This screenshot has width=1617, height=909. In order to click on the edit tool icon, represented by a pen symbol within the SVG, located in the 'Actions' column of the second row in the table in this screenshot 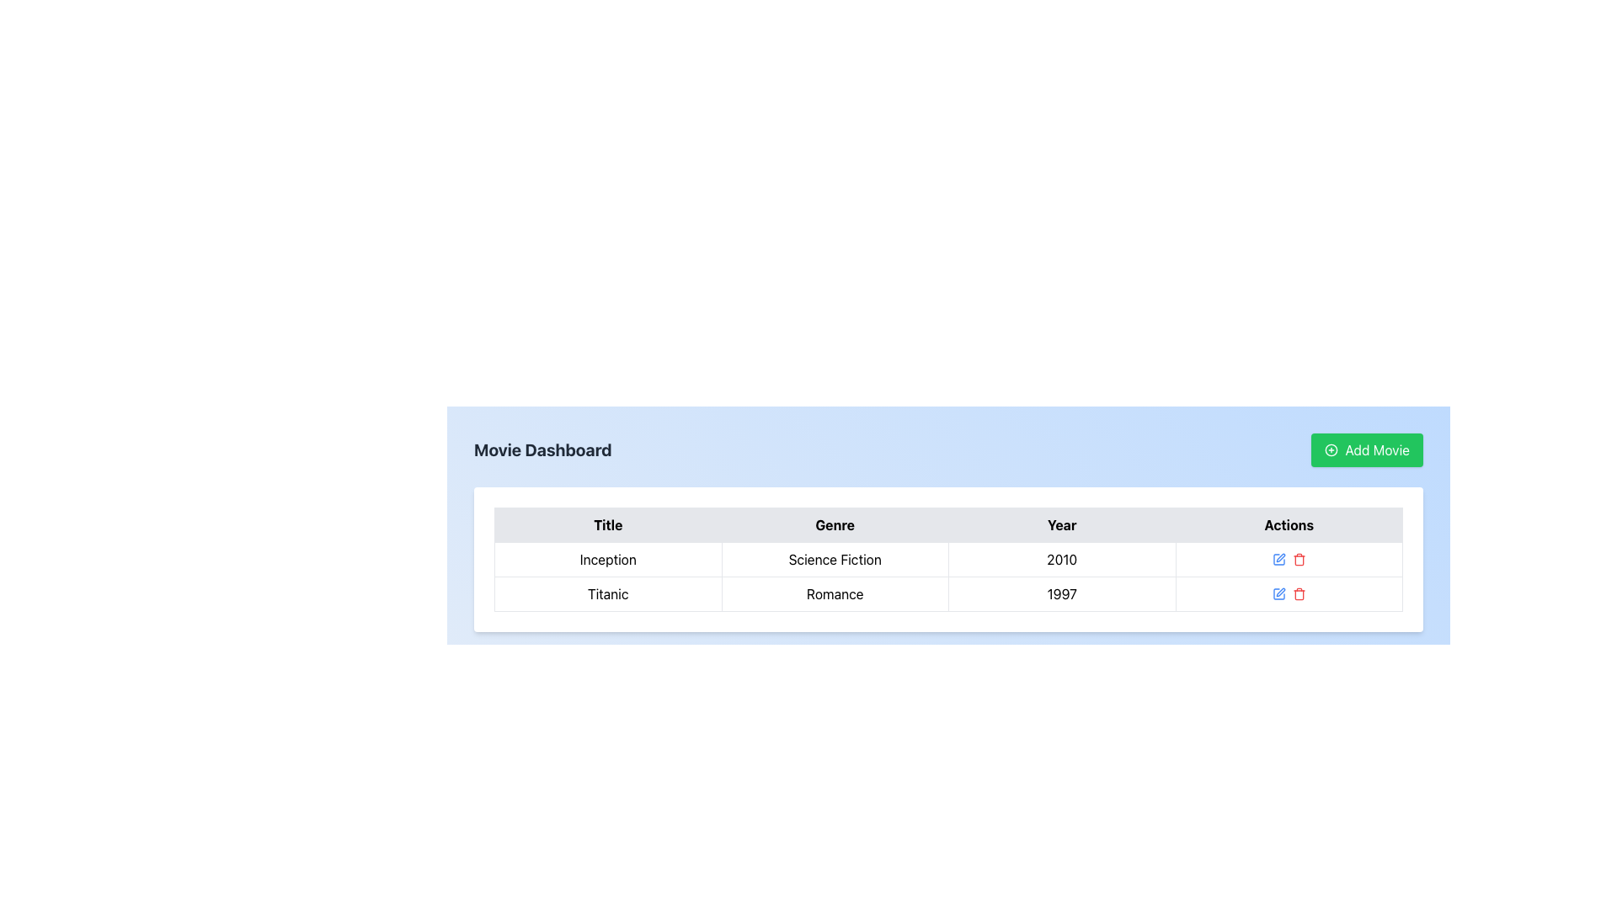, I will do `click(1280, 558)`.